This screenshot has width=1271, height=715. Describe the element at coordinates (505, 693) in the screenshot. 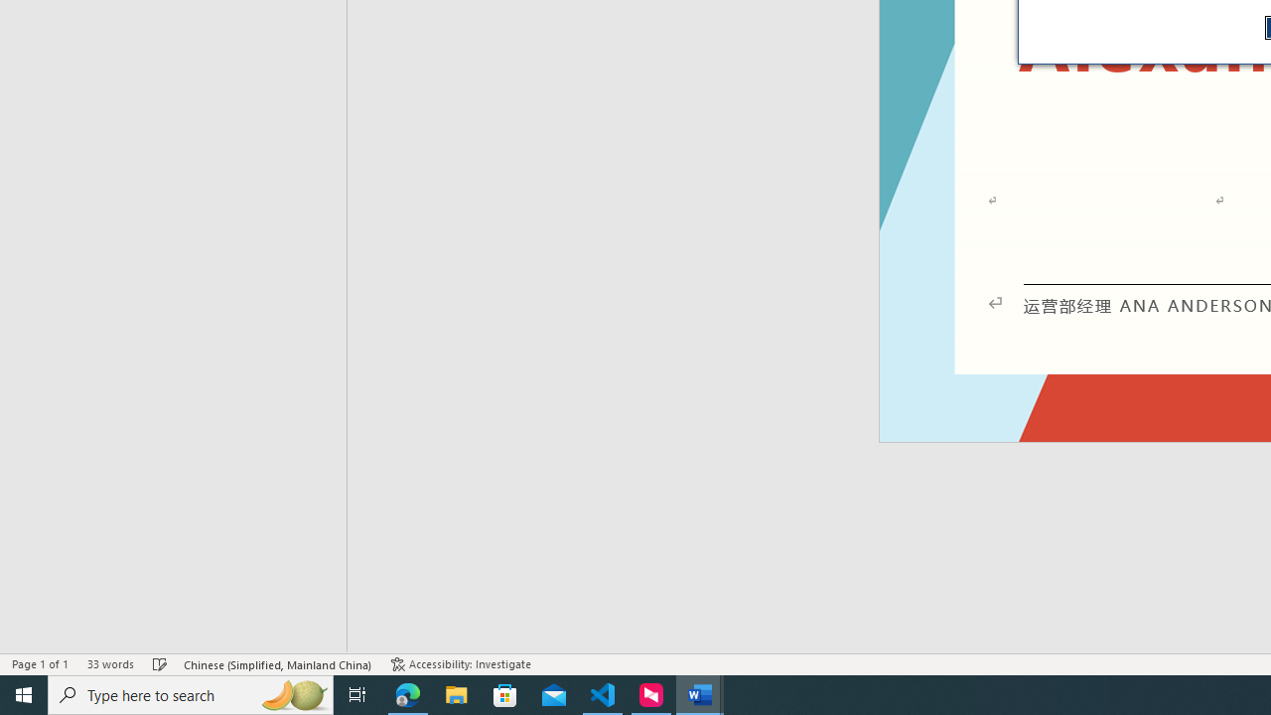

I see `'Microsoft Store'` at that location.